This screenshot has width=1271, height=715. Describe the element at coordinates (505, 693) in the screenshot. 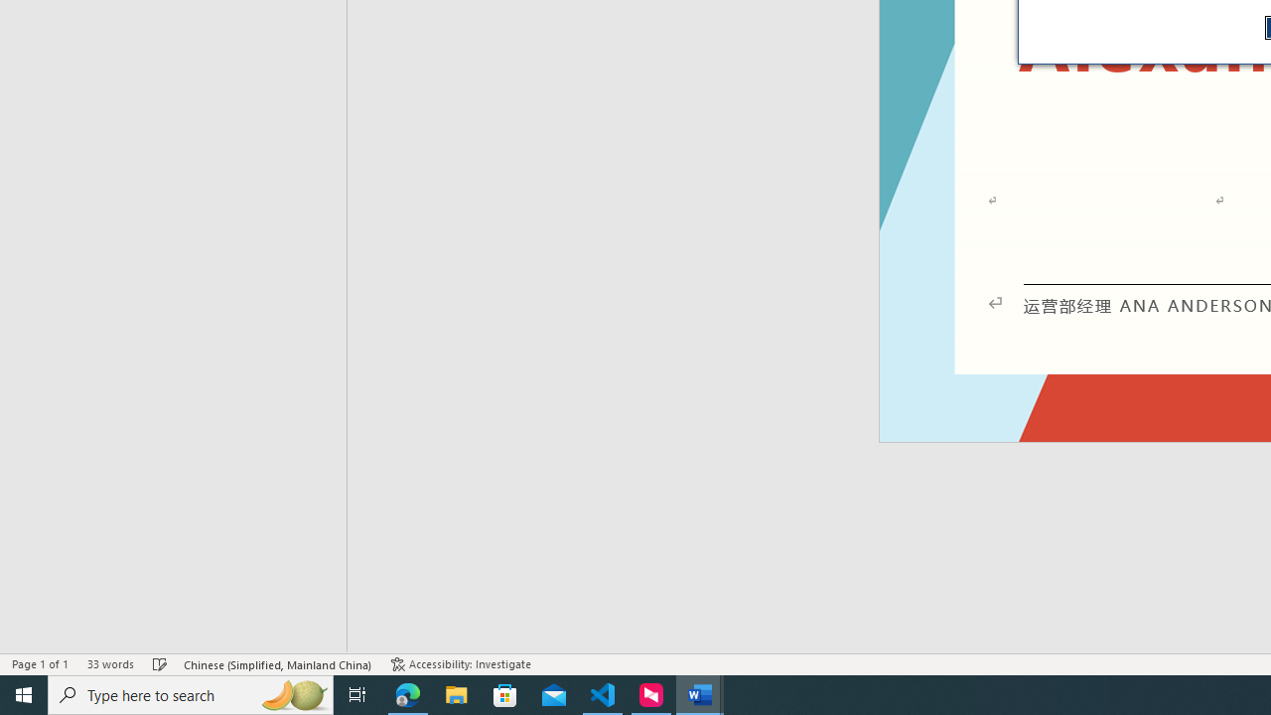

I see `'Microsoft Store'` at that location.